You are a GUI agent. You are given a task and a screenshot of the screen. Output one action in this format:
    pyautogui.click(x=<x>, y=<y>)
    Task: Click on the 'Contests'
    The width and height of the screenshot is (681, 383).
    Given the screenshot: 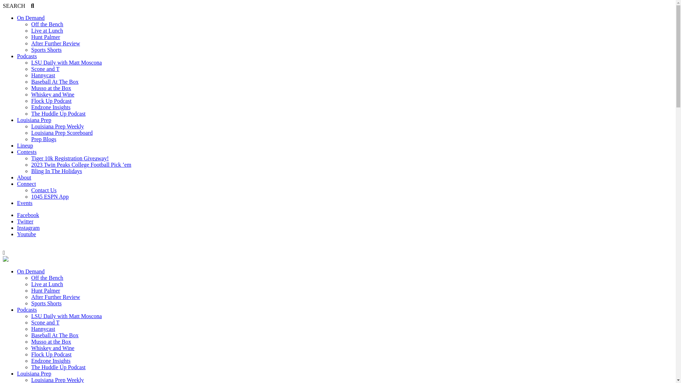 What is the action you would take?
    pyautogui.click(x=27, y=151)
    